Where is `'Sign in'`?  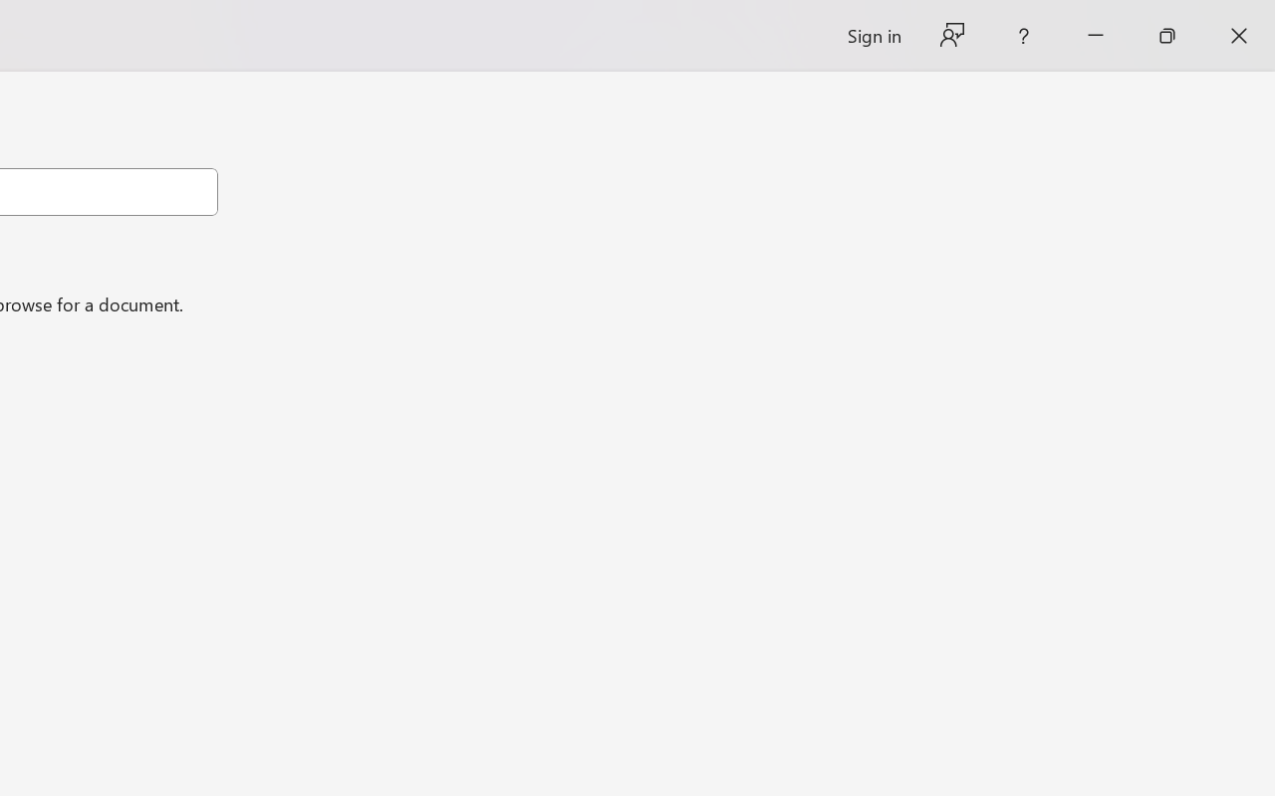 'Sign in' is located at coordinates (873, 34).